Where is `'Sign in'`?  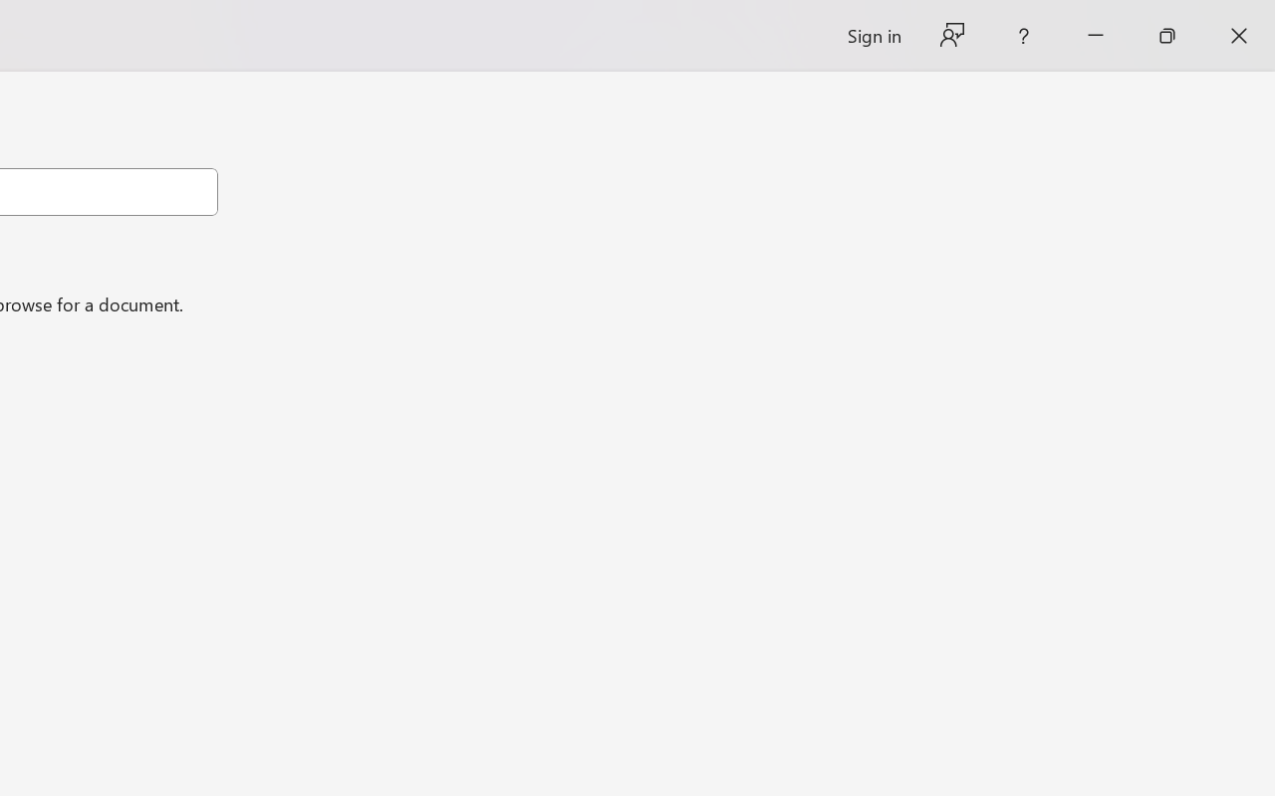 'Sign in' is located at coordinates (873, 34).